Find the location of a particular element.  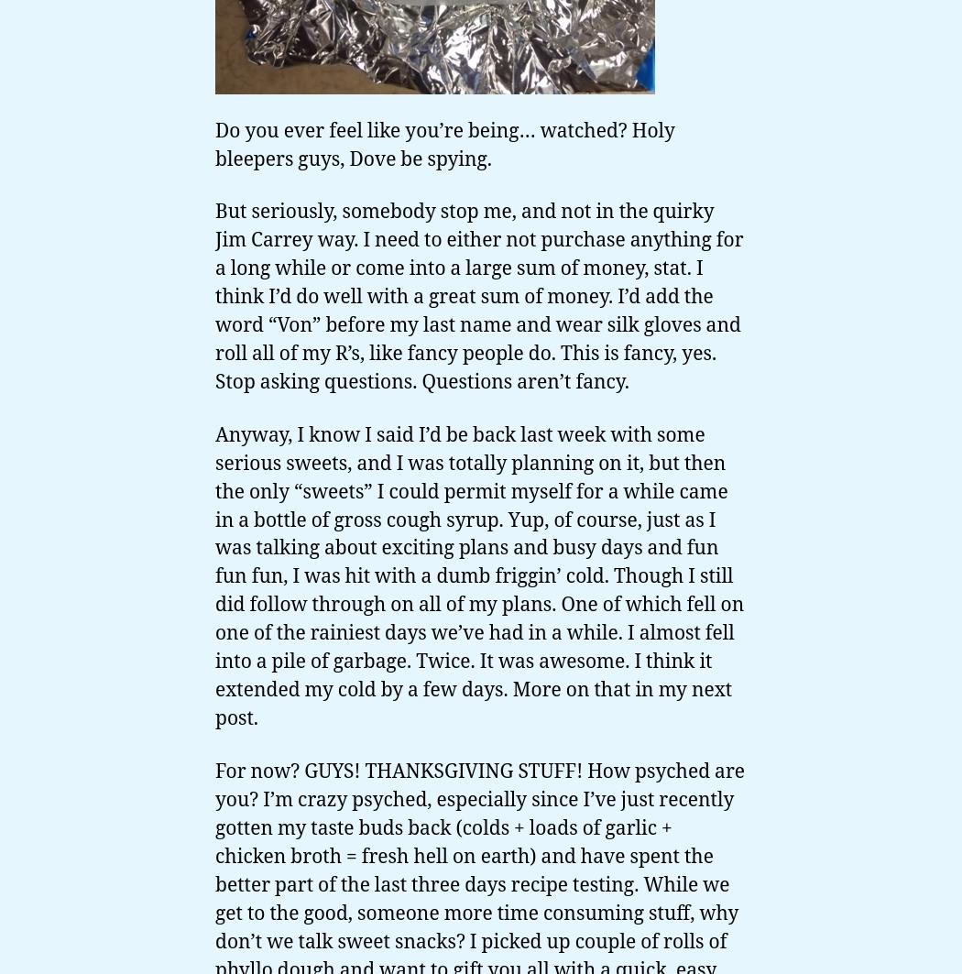

'Breads' is located at coordinates (36, 760).